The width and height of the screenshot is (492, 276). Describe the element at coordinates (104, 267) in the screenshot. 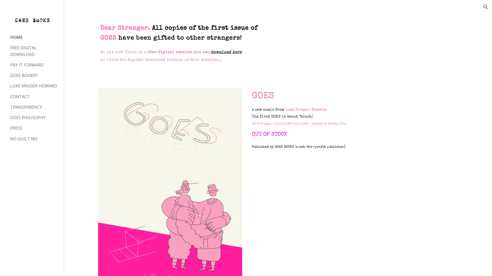

I see `Google Sites` at that location.